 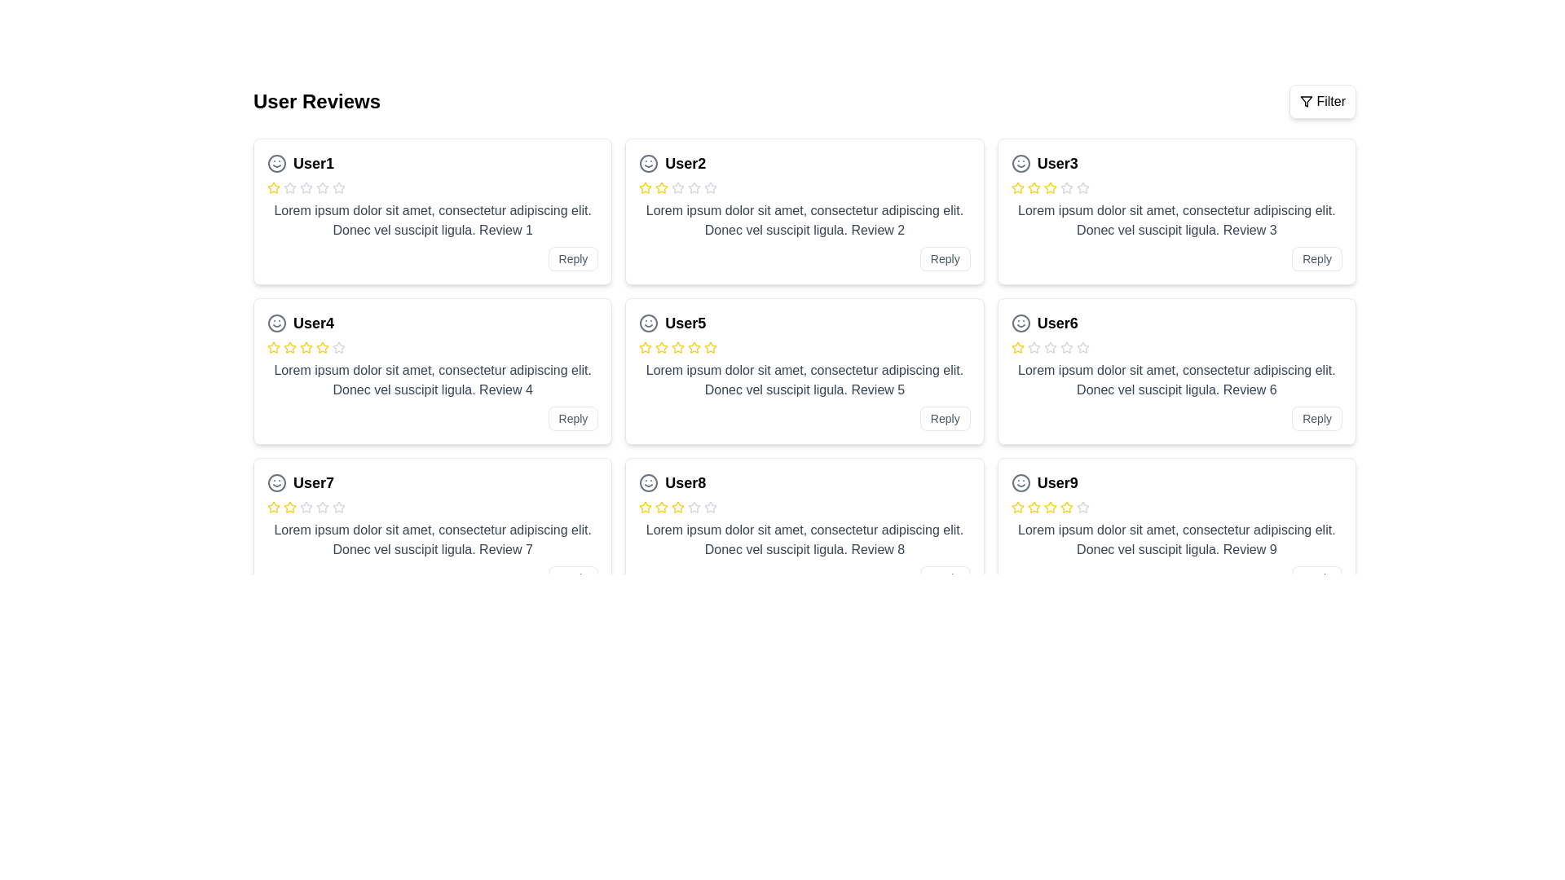 I want to click on the outermost circular layer of the smiley face icon located at the top-left corner of the review card for User9 in the User Reviews section, so click(x=1020, y=482).